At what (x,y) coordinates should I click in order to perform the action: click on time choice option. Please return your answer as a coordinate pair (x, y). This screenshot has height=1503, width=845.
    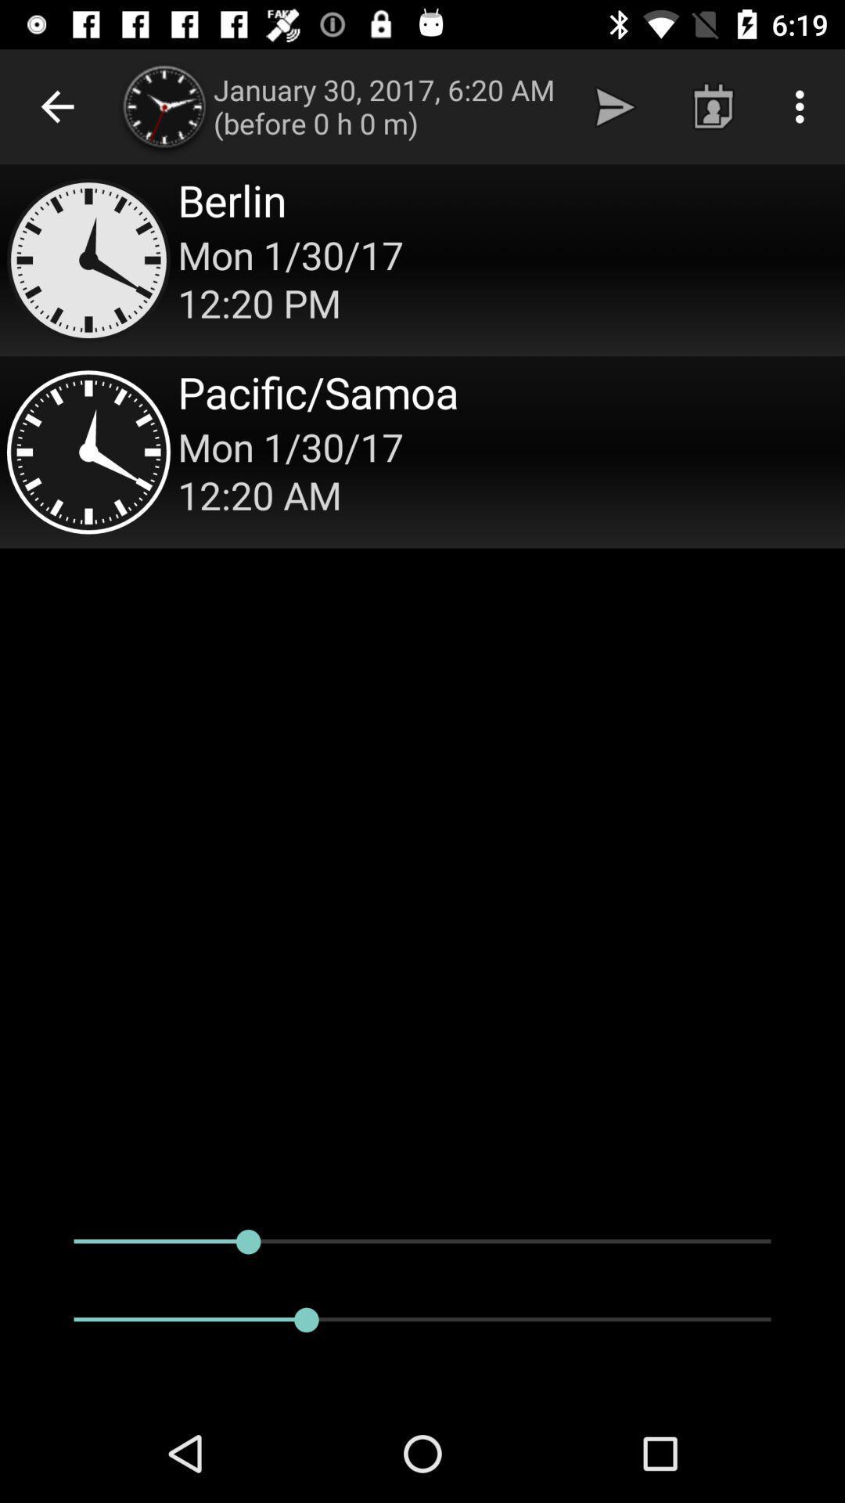
    Looking at the image, I should click on (422, 451).